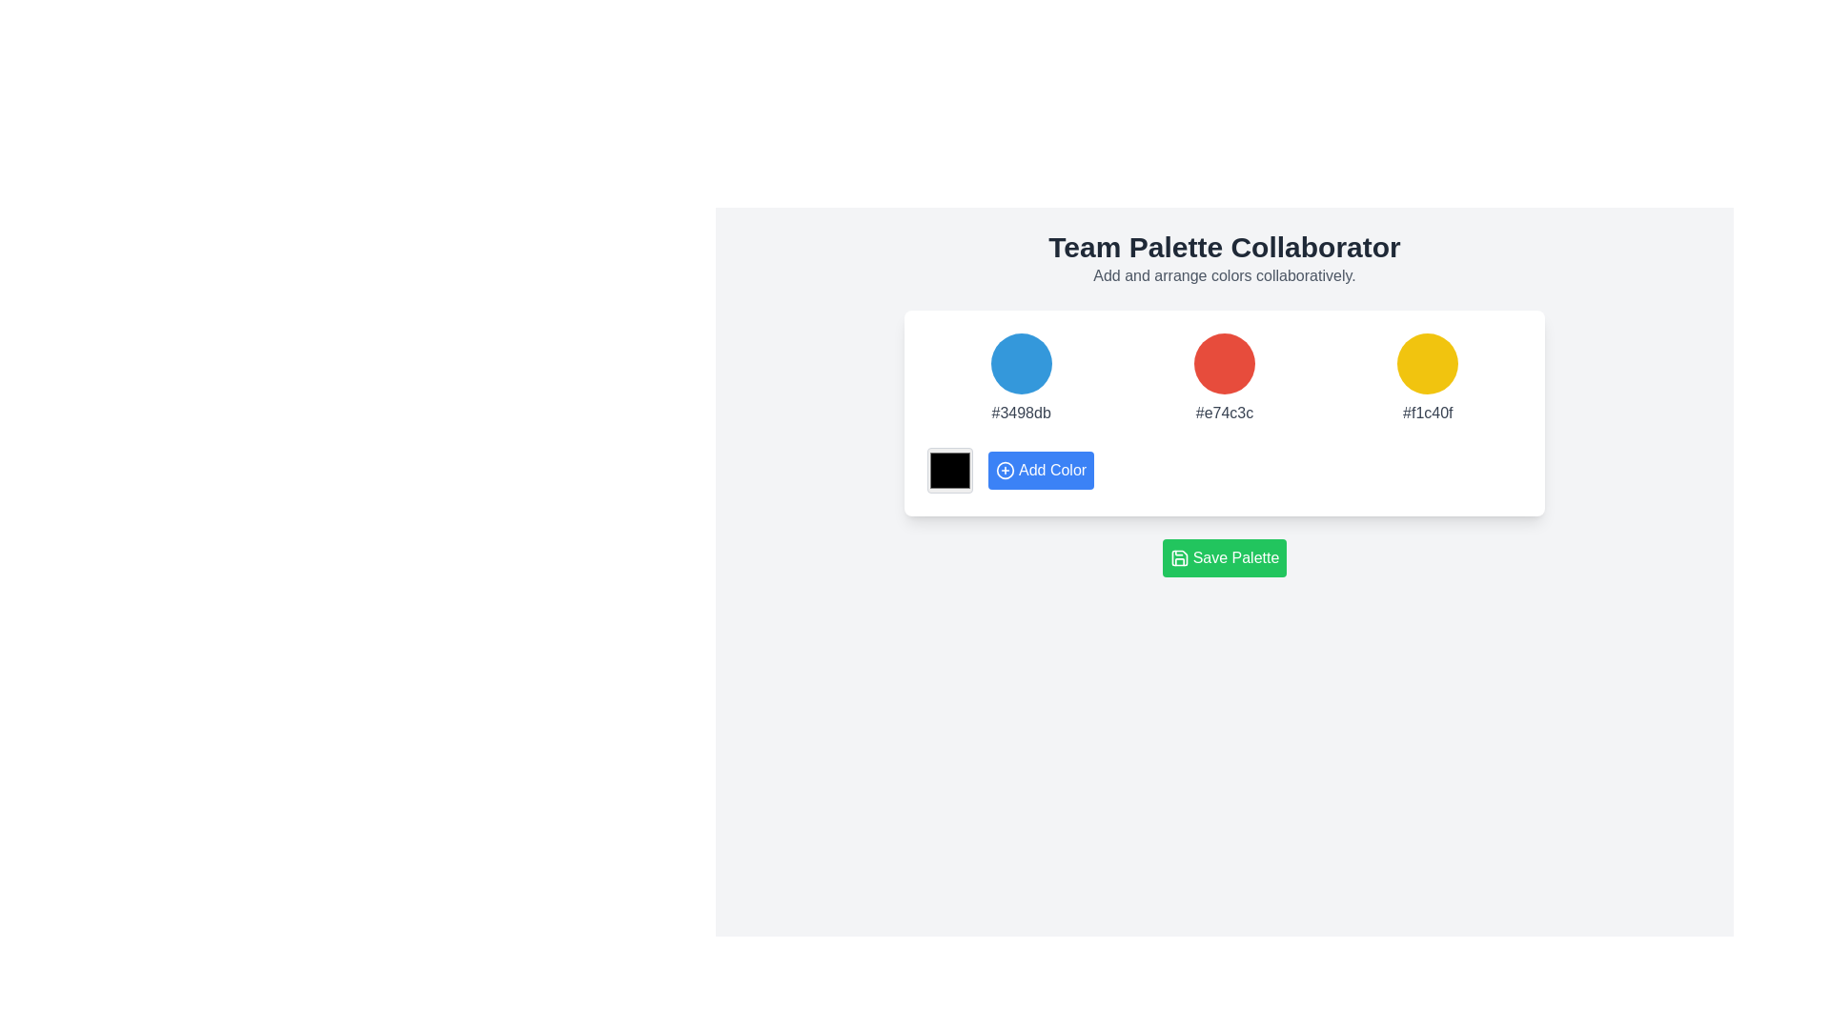 The width and height of the screenshot is (1830, 1029). Describe the element at coordinates (1040, 470) in the screenshot. I see `the button located below the black square color box` at that location.